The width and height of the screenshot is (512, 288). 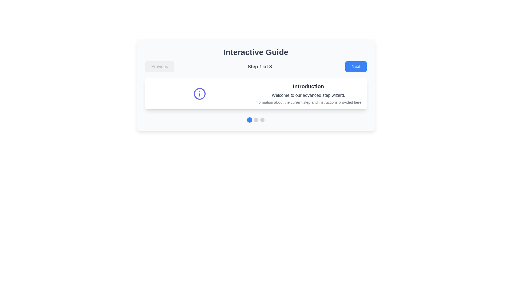 What do you see at coordinates (199, 93) in the screenshot?
I see `the informational icon located within a white card under the guide heading next to the text 'Introduction' for more information` at bounding box center [199, 93].